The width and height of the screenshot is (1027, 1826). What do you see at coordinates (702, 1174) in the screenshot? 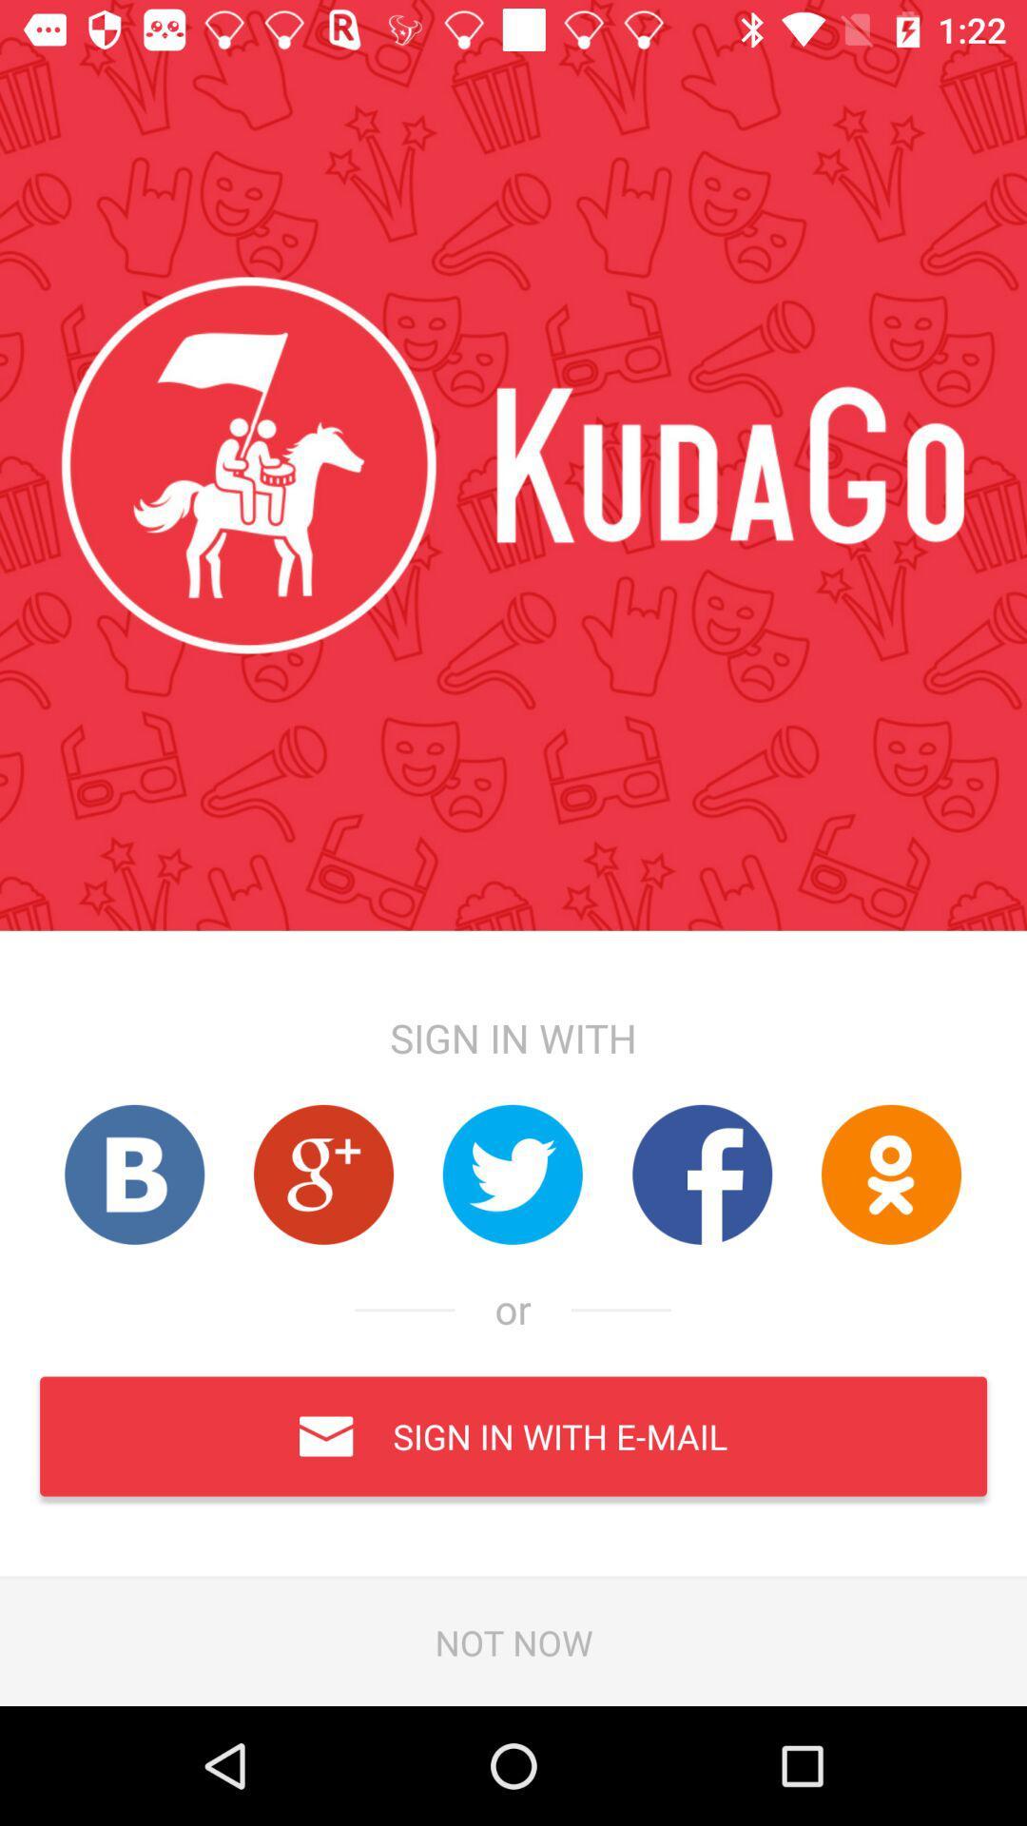
I see `open the webiste` at bounding box center [702, 1174].